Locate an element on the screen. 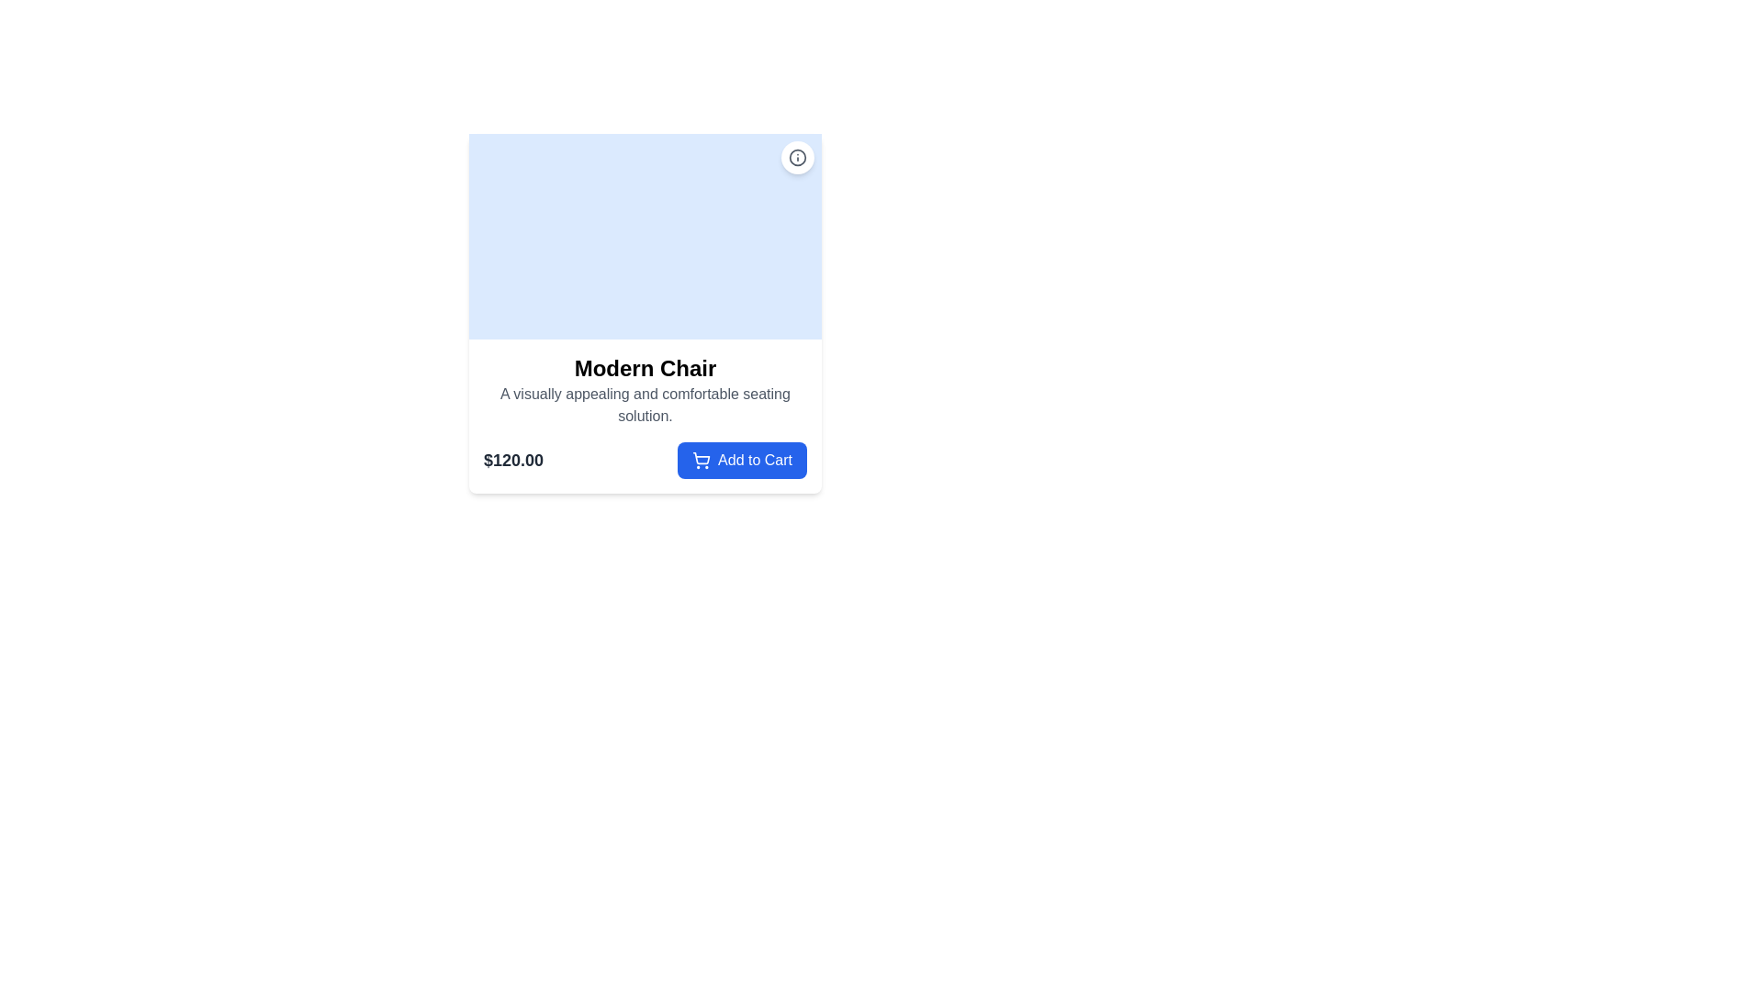 Image resolution: width=1763 pixels, height=991 pixels. the descriptive text block that provides details about the product features, located below the 'Modern Chair' title and above the '$120.00' price text is located at coordinates (645, 405).